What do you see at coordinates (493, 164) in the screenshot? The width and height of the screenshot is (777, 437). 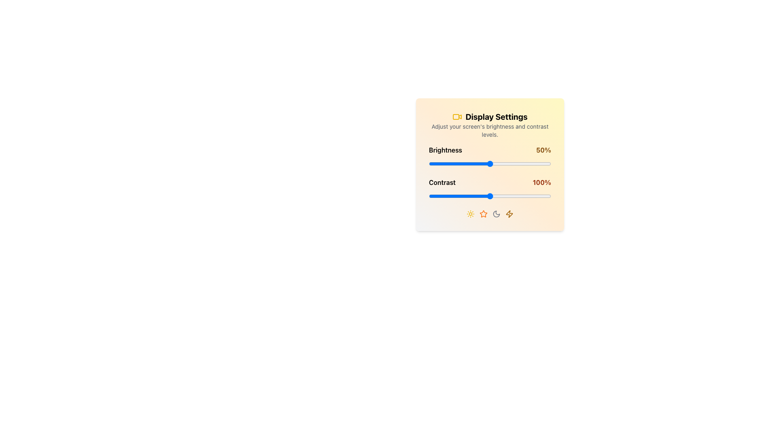 I see `the brightness` at bounding box center [493, 164].